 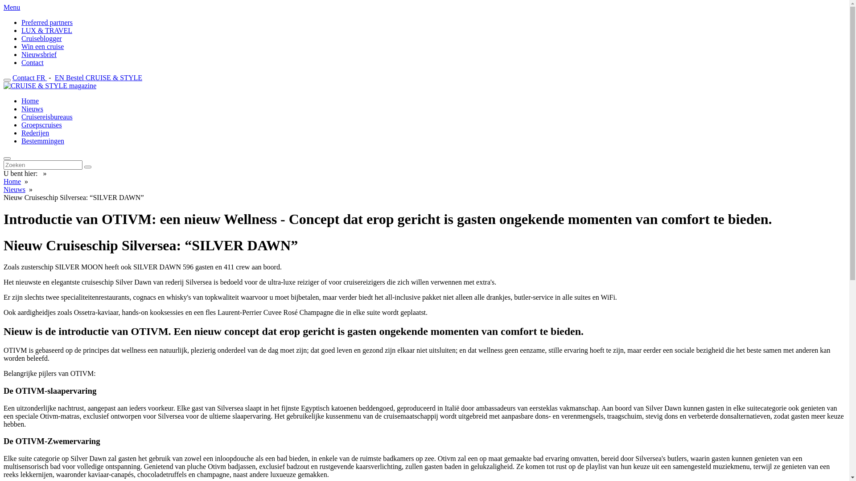 What do you see at coordinates (38, 54) in the screenshot?
I see `'Nieuwsbrief'` at bounding box center [38, 54].